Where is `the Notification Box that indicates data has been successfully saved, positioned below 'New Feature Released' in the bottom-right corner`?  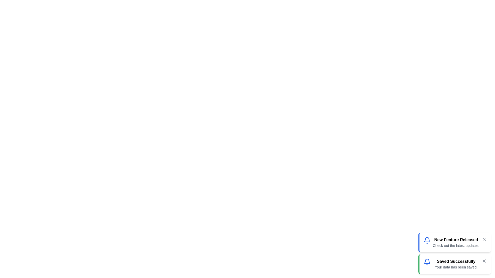
the Notification Box that indicates data has been successfully saved, positioned below 'New Feature Released' in the bottom-right corner is located at coordinates (455, 264).